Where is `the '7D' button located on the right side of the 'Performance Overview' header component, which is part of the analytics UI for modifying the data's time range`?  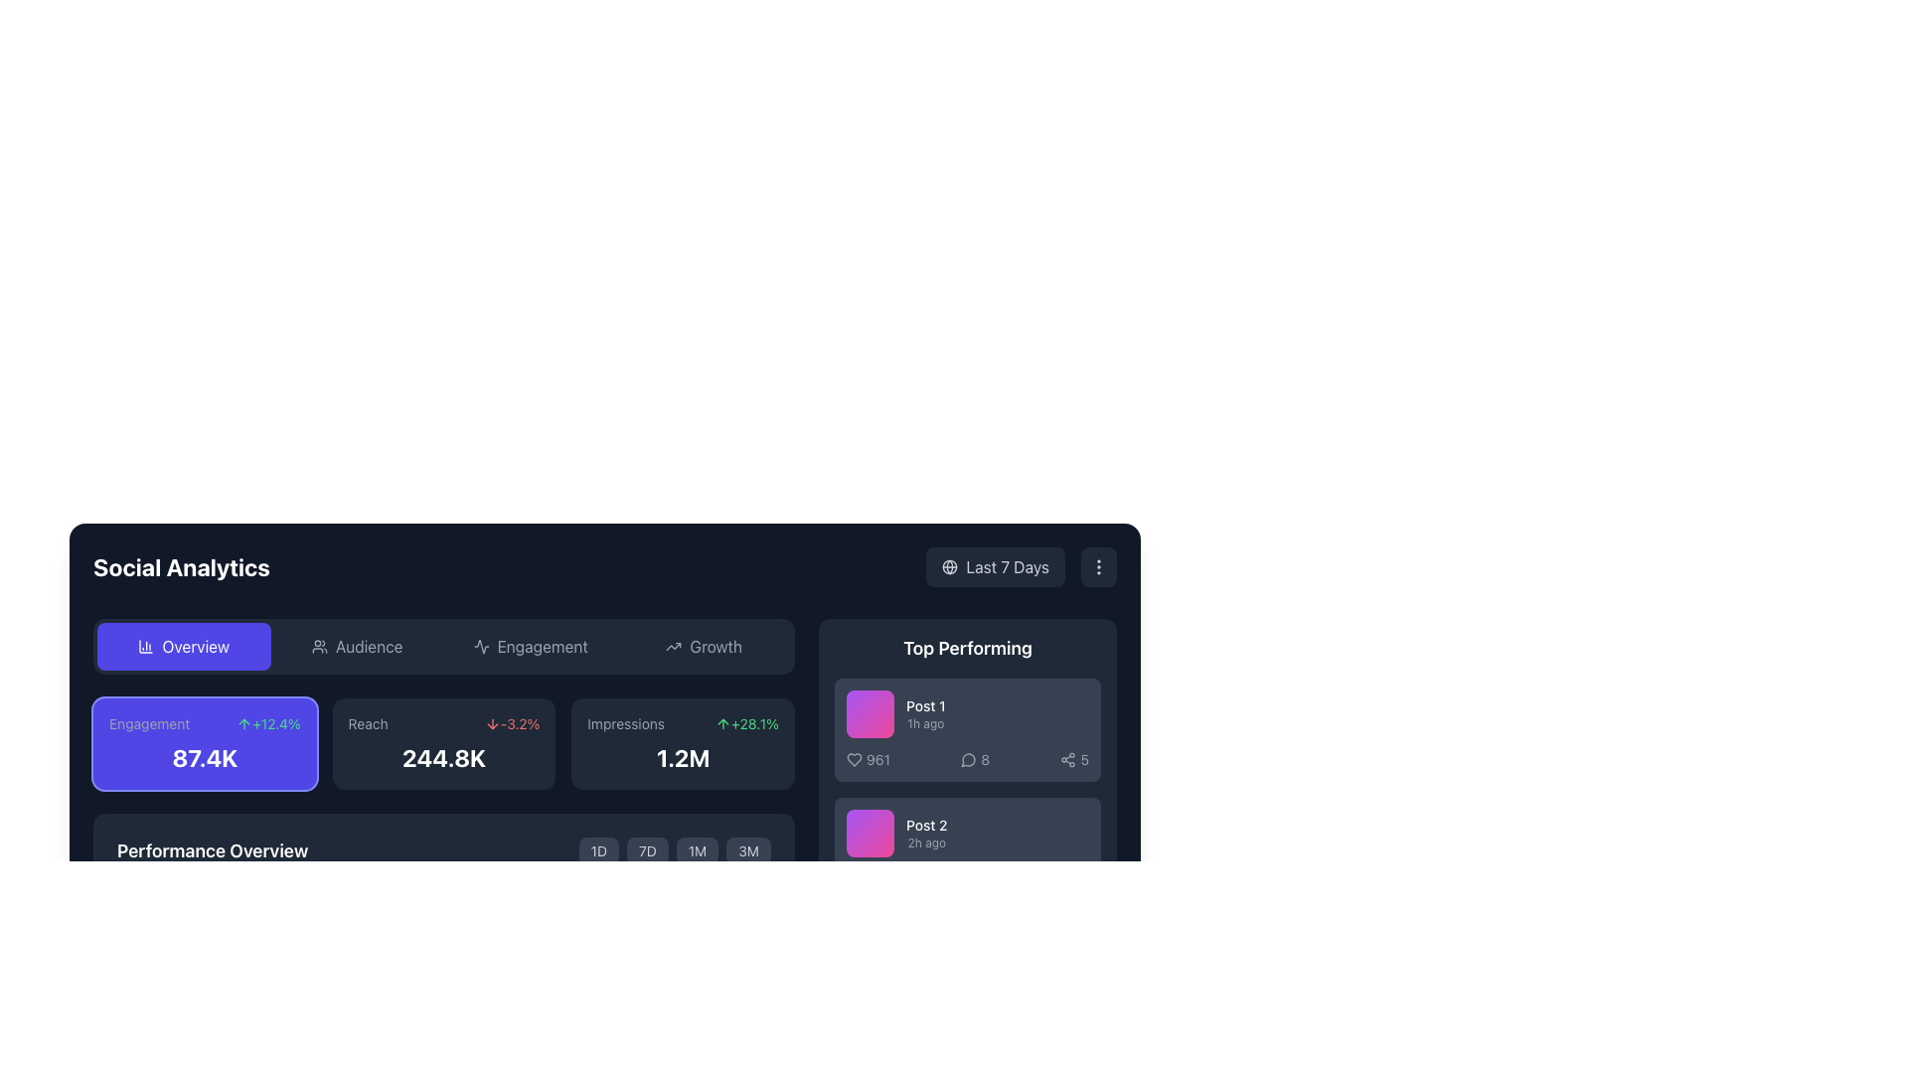
the '7D' button located on the right side of the 'Performance Overview' header component, which is part of the analytics UI for modifying the data's time range is located at coordinates (442, 849).